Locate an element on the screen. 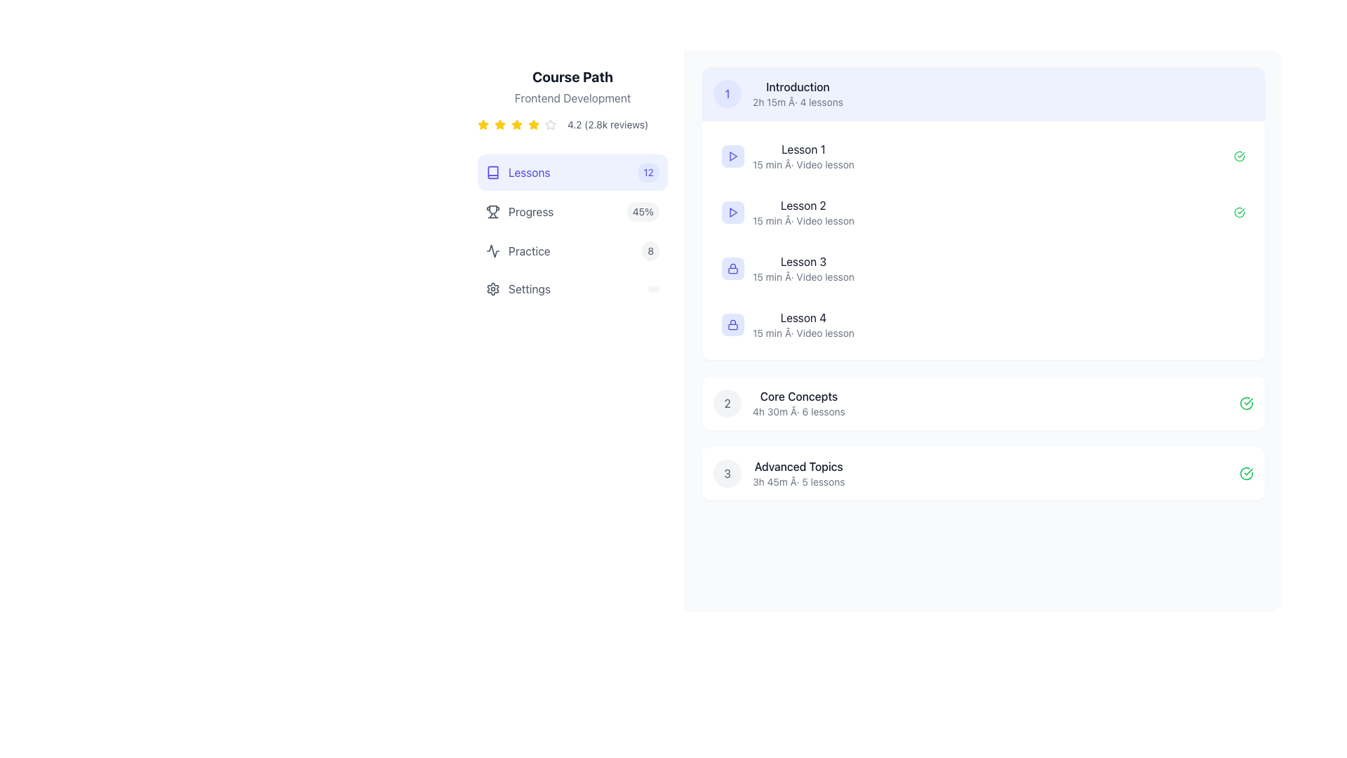  the completion verification icon located on the right side of the second item in the 'Introduction' section is located at coordinates (1239, 213).